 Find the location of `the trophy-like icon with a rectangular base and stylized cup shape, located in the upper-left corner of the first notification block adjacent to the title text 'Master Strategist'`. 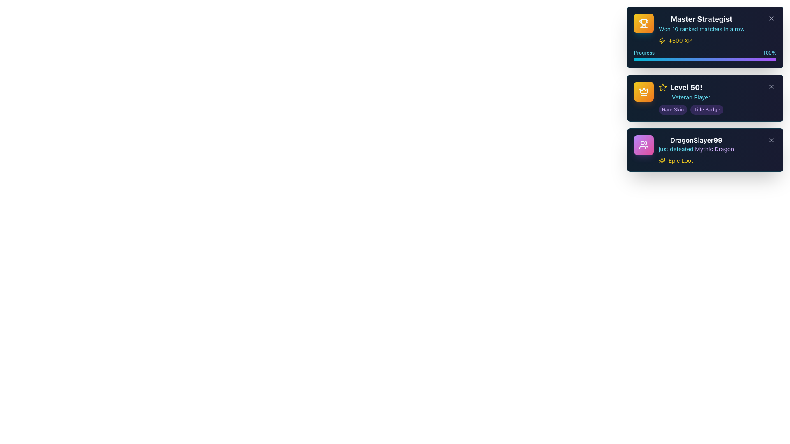

the trophy-like icon with a rectangular base and stylized cup shape, located in the upper-left corner of the first notification block adjacent to the title text 'Master Strategist' is located at coordinates (643, 21).